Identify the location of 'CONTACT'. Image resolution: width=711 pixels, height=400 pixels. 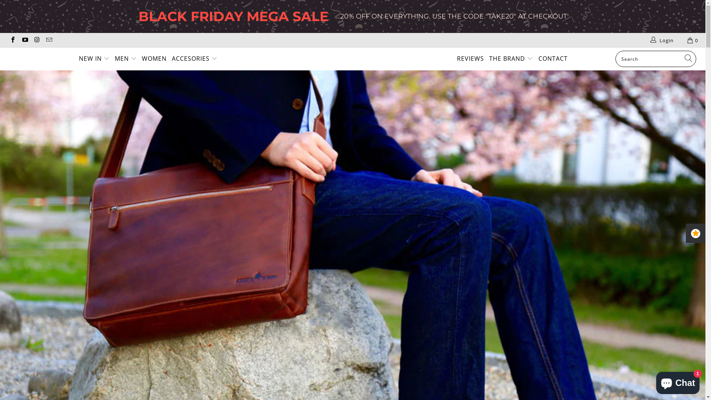
(553, 59).